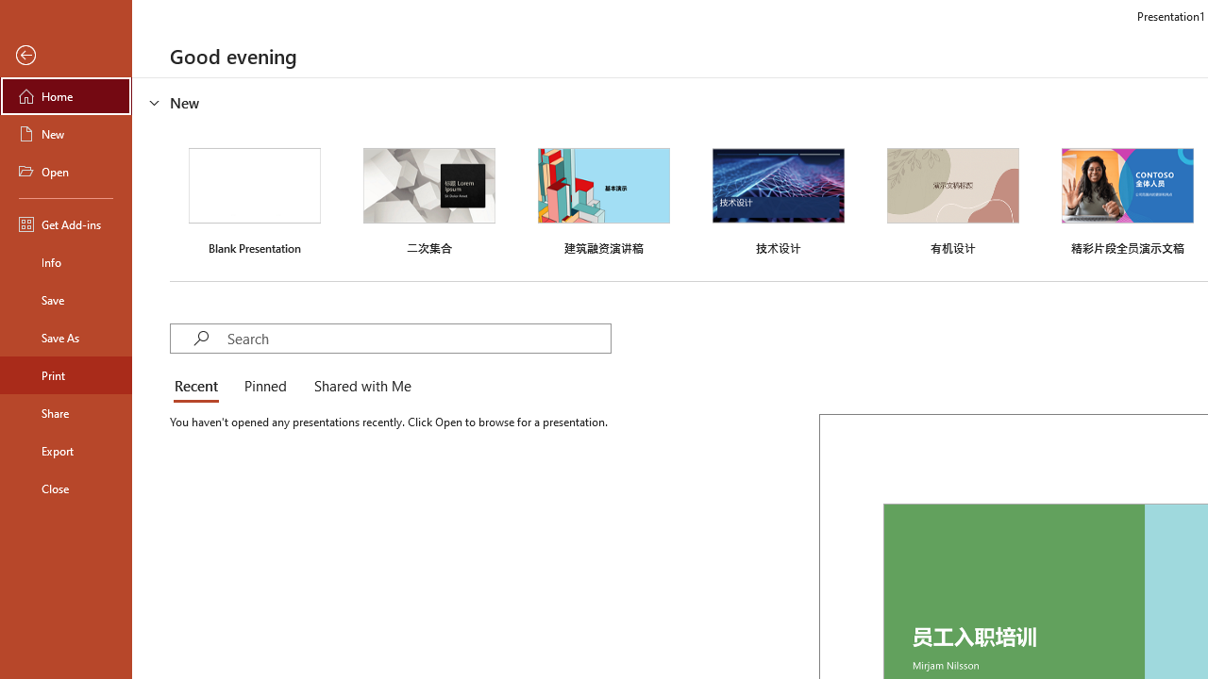 The width and height of the screenshot is (1208, 679). Describe the element at coordinates (65, 95) in the screenshot. I see `'Home'` at that location.